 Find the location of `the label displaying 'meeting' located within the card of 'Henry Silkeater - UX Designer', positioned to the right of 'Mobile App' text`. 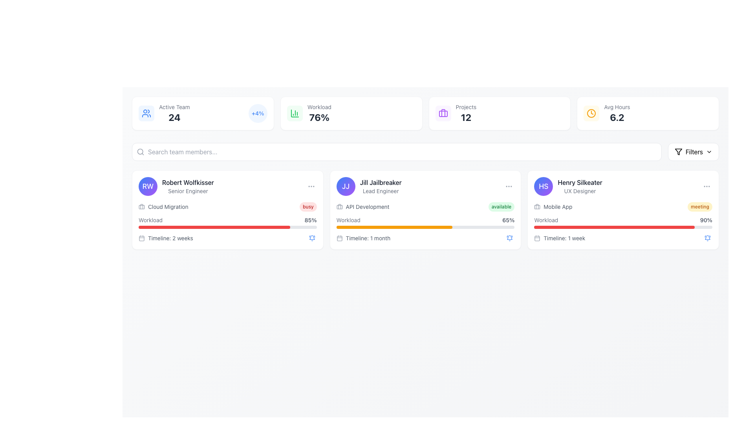

the label displaying 'meeting' located within the card of 'Henry Silkeater - UX Designer', positioned to the right of 'Mobile App' text is located at coordinates (700, 207).